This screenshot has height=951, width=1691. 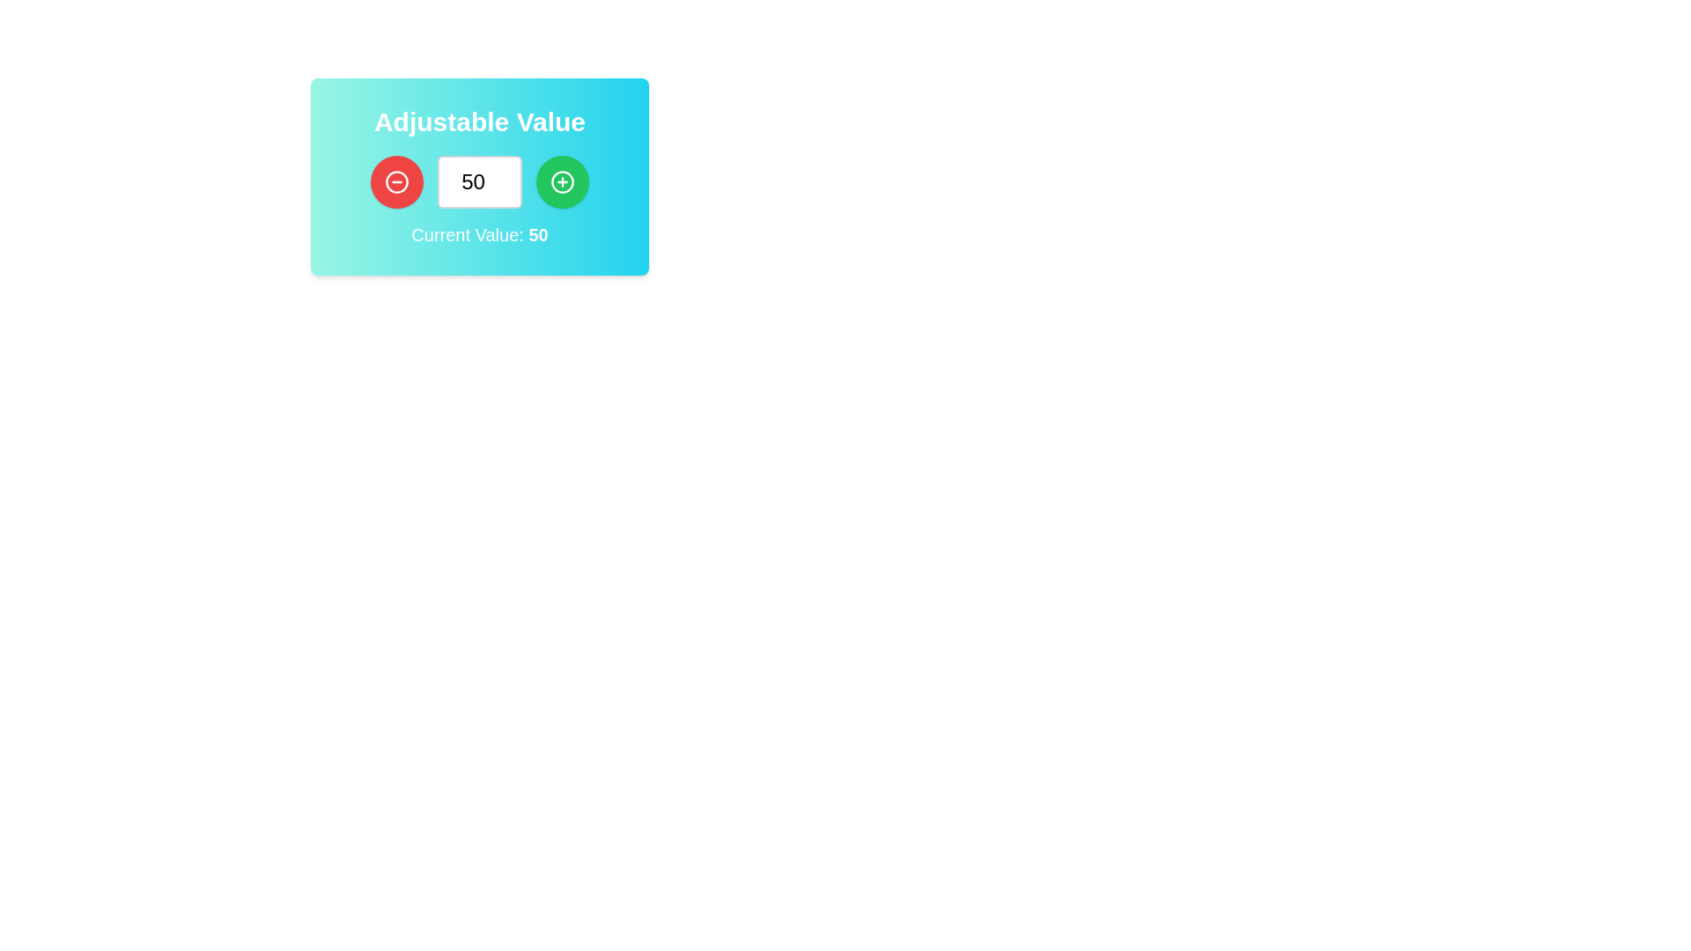 I want to click on the rounded green button with a white plus icon, so click(x=561, y=182).